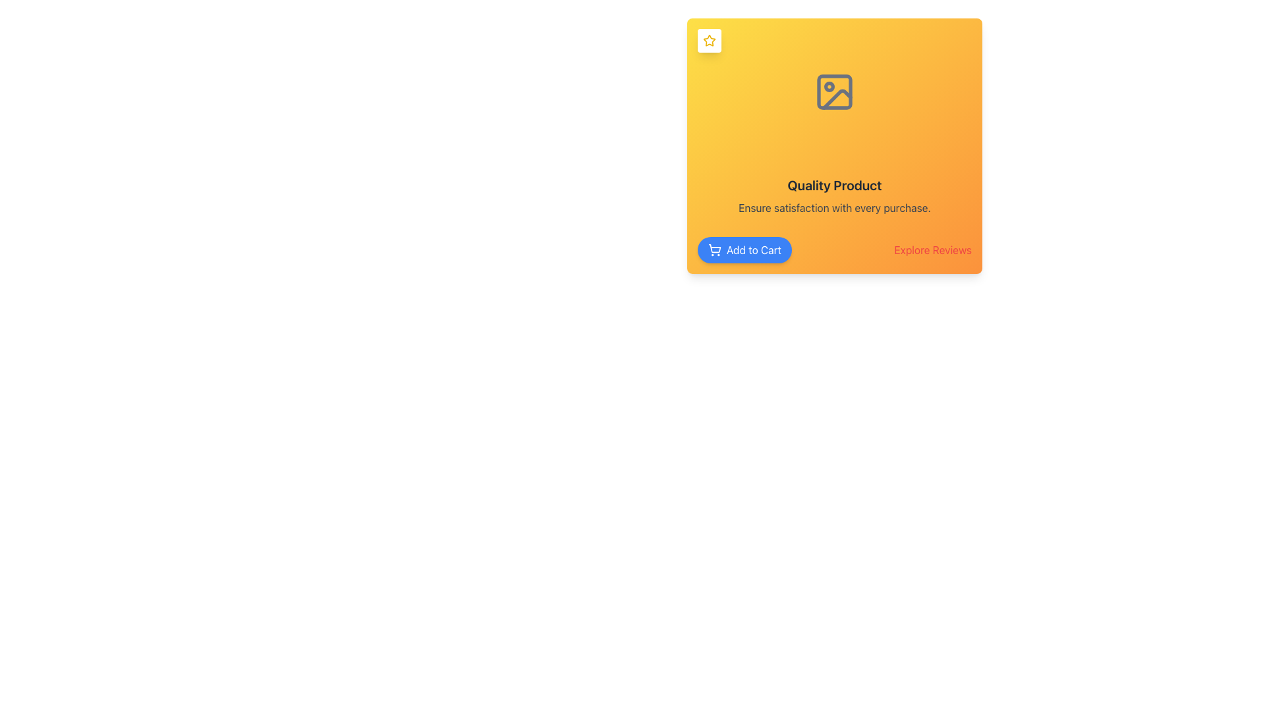  What do you see at coordinates (834, 91) in the screenshot?
I see `the Decorative Image Section located at the top part of the card, which displays an image and enriches the presentation of the card's content` at bounding box center [834, 91].